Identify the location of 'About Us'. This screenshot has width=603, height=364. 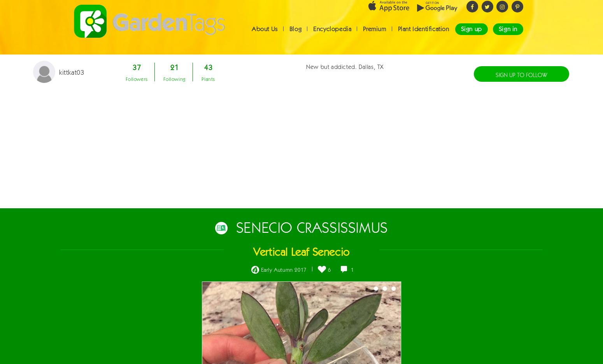
(264, 35).